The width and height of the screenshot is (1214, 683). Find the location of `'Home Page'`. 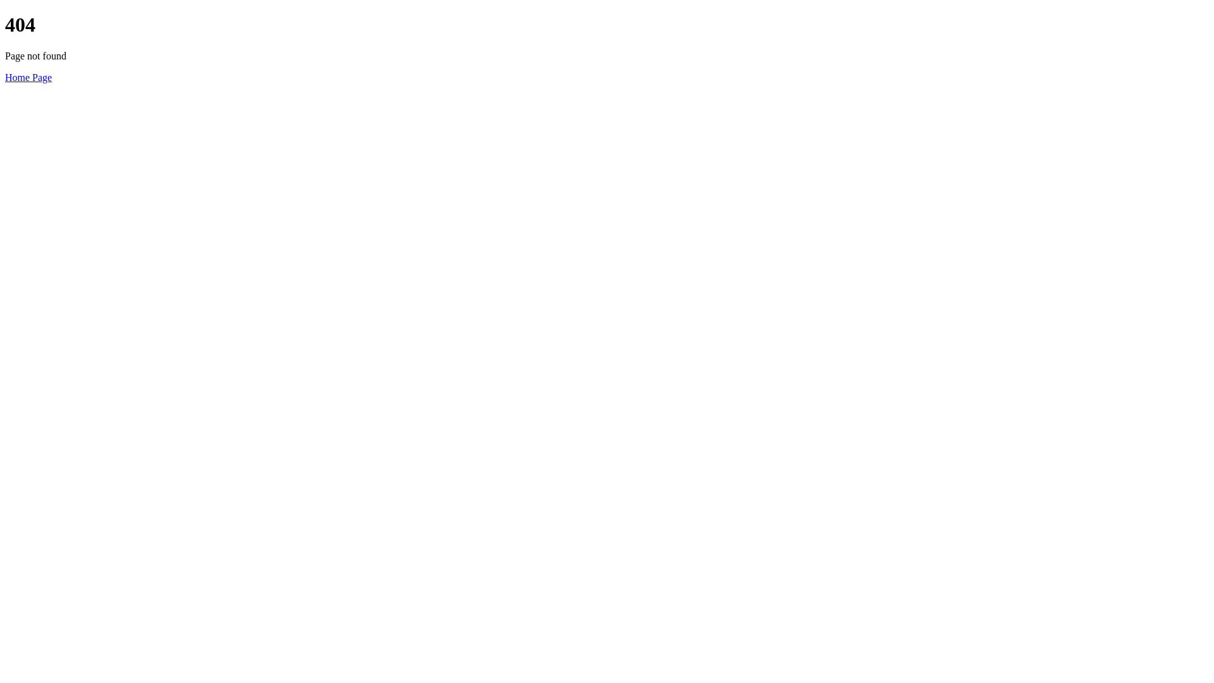

'Home Page' is located at coordinates (5, 77).